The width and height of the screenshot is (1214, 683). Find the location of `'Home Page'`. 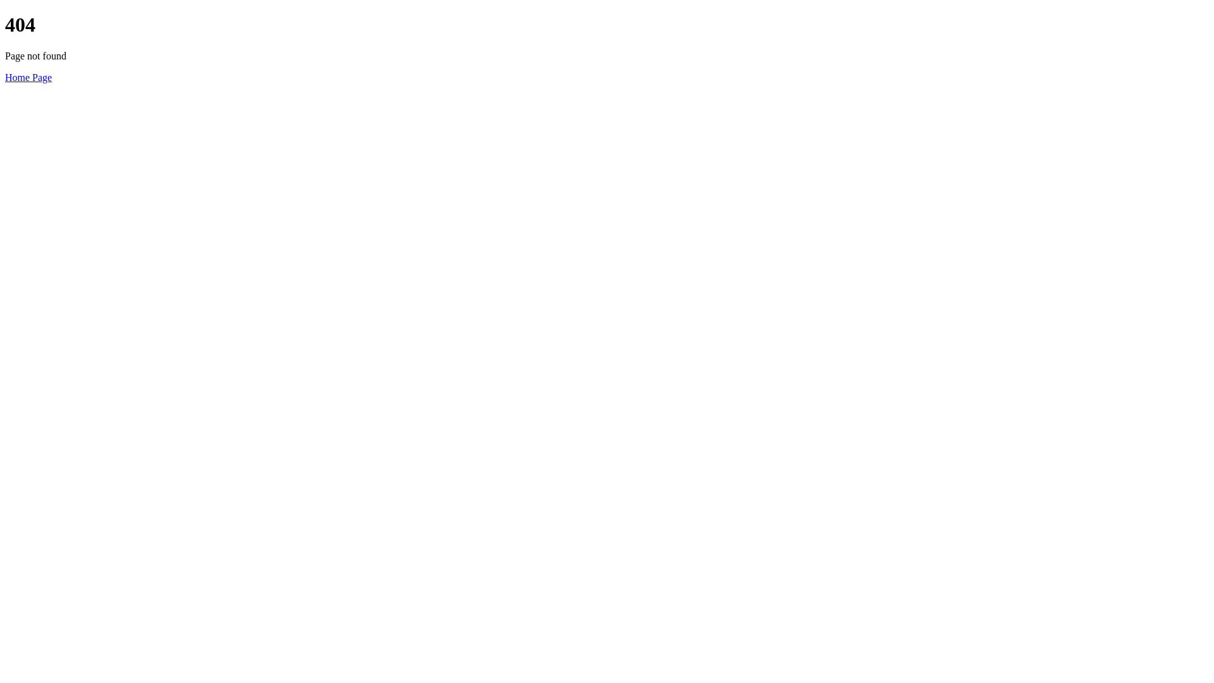

'Home Page' is located at coordinates (5, 77).